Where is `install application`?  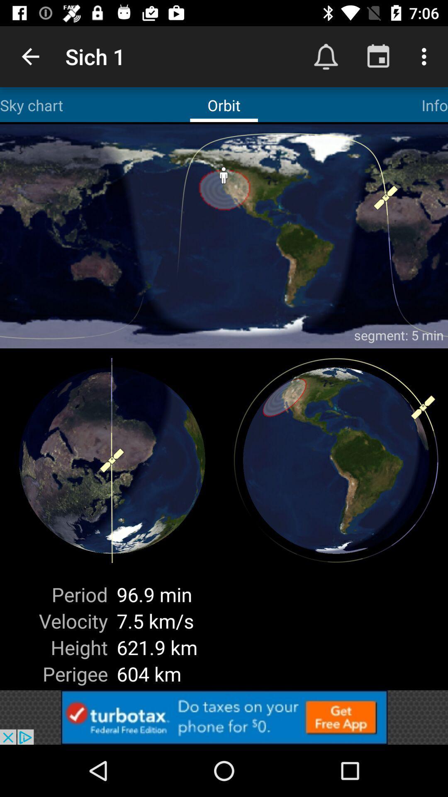
install application is located at coordinates (224, 717).